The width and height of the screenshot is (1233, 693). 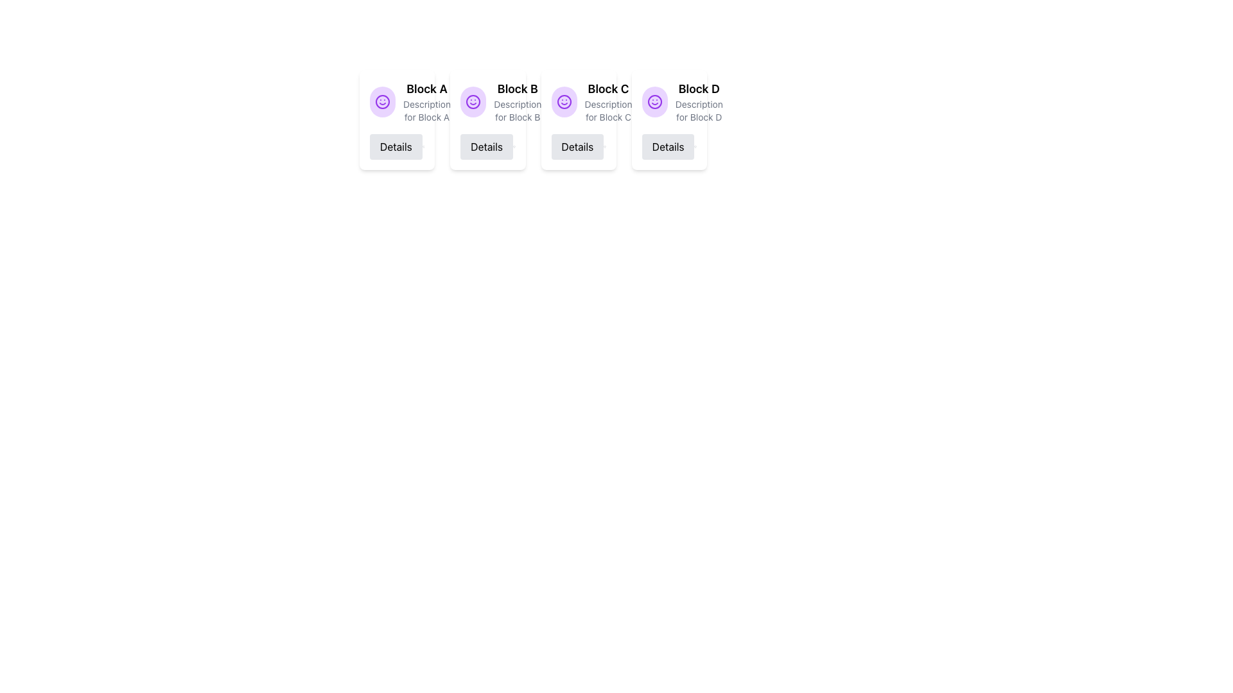 I want to click on the Text Display element that serves as the title and description for Block A, located in the first card from the left, so click(x=427, y=101).